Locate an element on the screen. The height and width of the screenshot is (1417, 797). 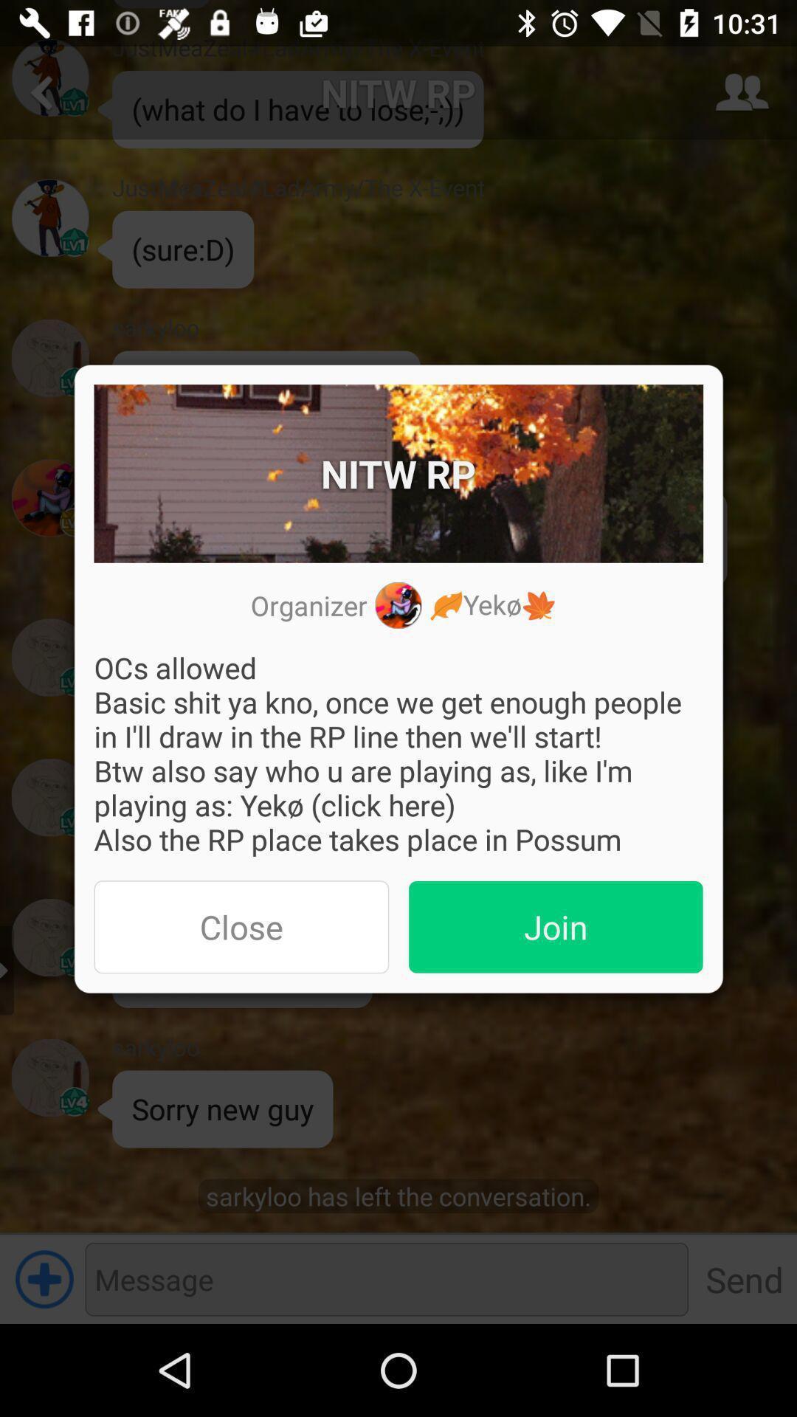
button next to the join icon is located at coordinates (241, 926).